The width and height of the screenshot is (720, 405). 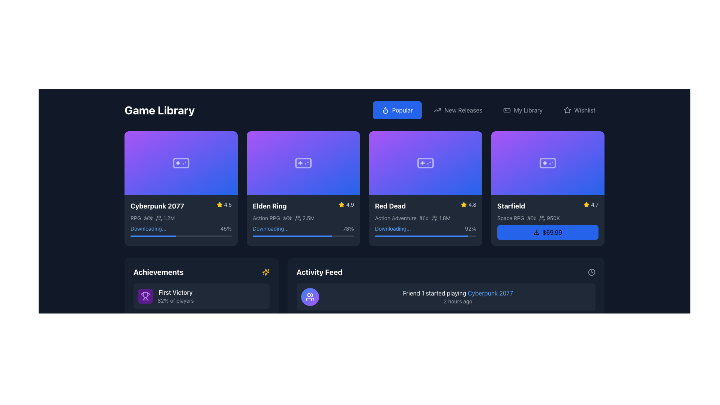 I want to click on the Text label displaying the popularity metric for the 'Starfield' game located beneath the title 'Space RPG', so click(x=553, y=218).